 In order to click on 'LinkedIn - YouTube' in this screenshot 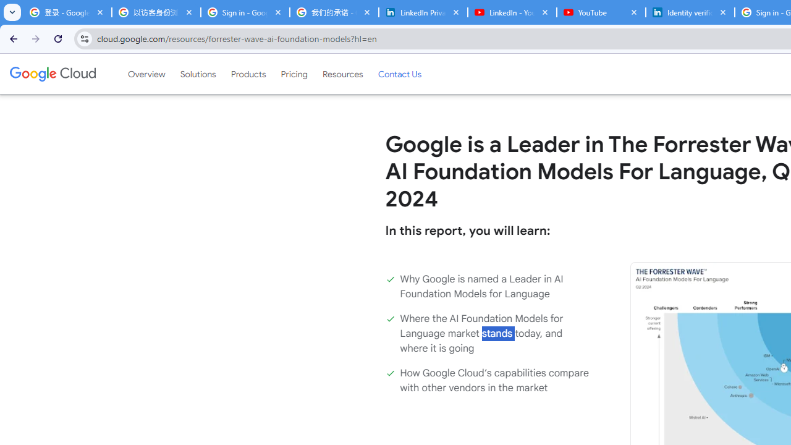, I will do `click(512, 12)`.